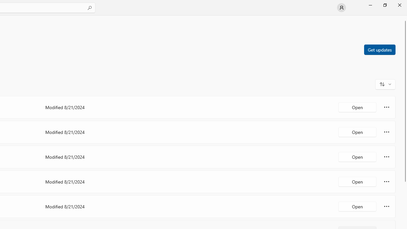 This screenshot has width=407, height=229. What do you see at coordinates (370, 5) in the screenshot?
I see `'Minimize Microsoft Store'` at bounding box center [370, 5].